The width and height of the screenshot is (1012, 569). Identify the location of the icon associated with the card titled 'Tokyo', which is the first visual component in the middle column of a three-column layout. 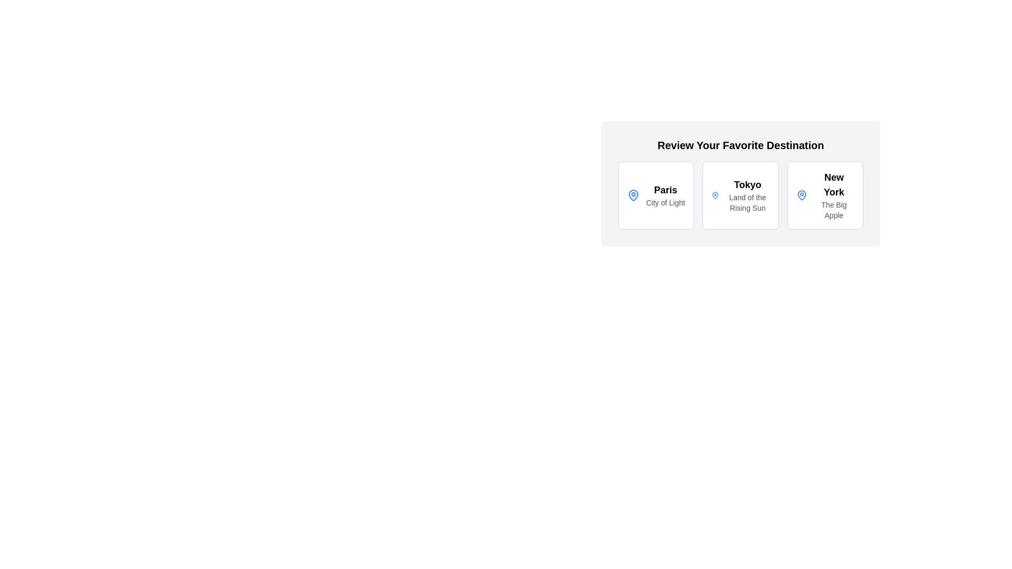
(715, 195).